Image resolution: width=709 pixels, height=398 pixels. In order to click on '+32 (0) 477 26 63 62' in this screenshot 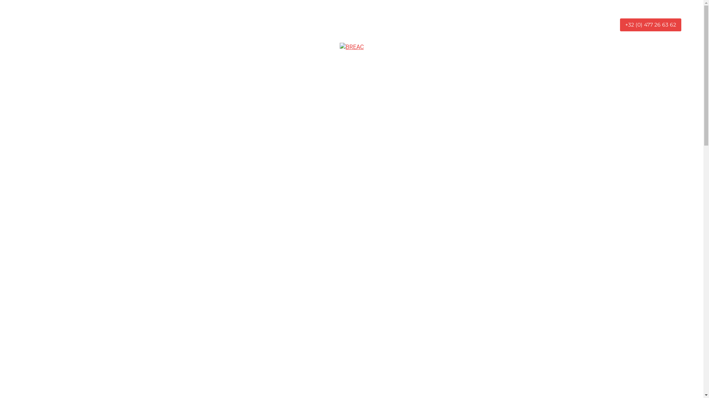, I will do `click(650, 24)`.